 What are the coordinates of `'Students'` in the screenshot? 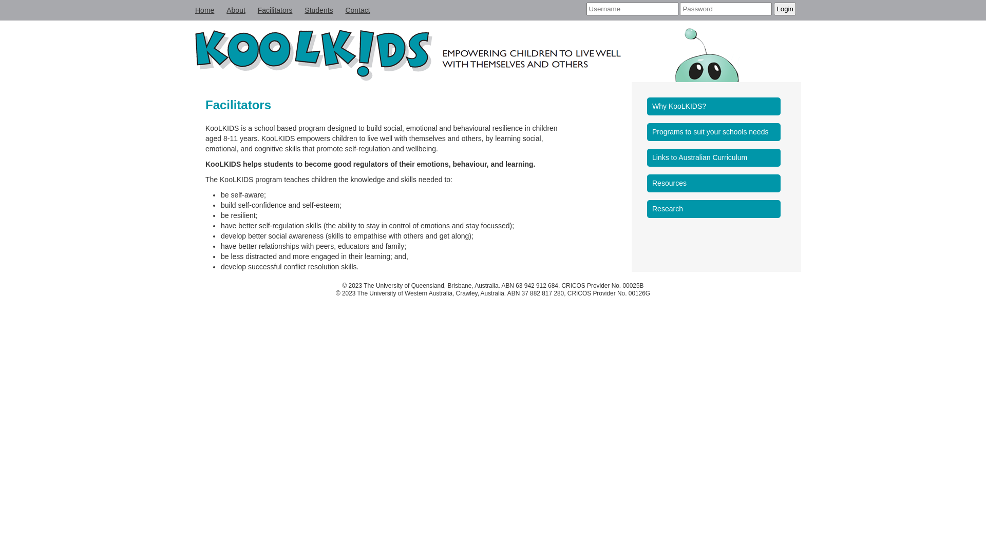 It's located at (318, 10).